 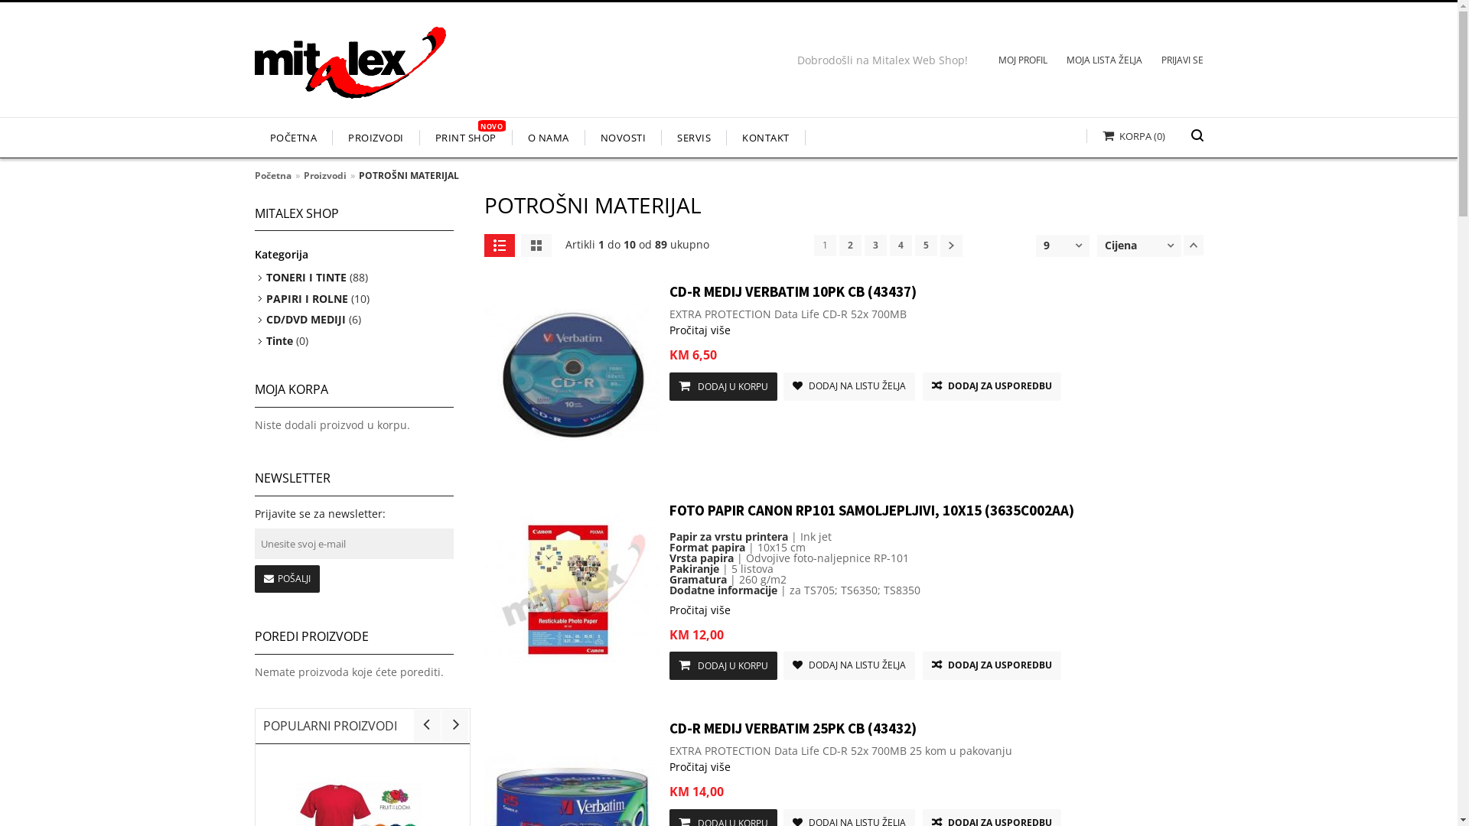 What do you see at coordinates (1125, 135) in the screenshot?
I see `'KORPA (0)'` at bounding box center [1125, 135].